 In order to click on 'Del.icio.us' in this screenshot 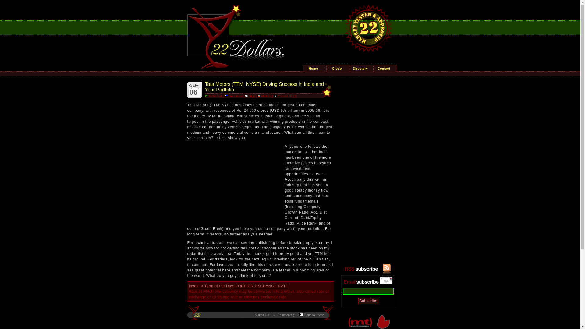, I will do `click(233, 96)`.